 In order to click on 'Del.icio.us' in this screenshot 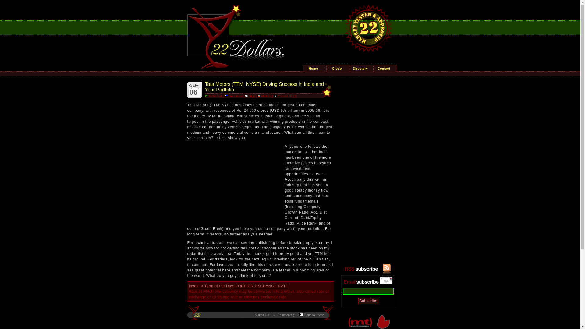, I will do `click(233, 96)`.